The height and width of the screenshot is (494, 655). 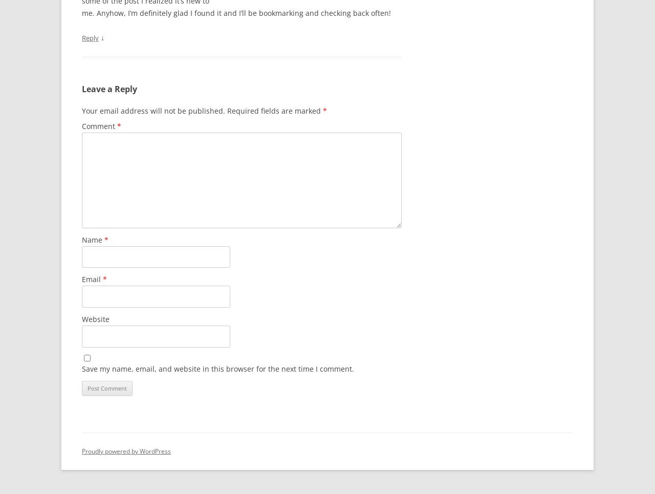 What do you see at coordinates (110, 88) in the screenshot?
I see `'Leave a Reply'` at bounding box center [110, 88].